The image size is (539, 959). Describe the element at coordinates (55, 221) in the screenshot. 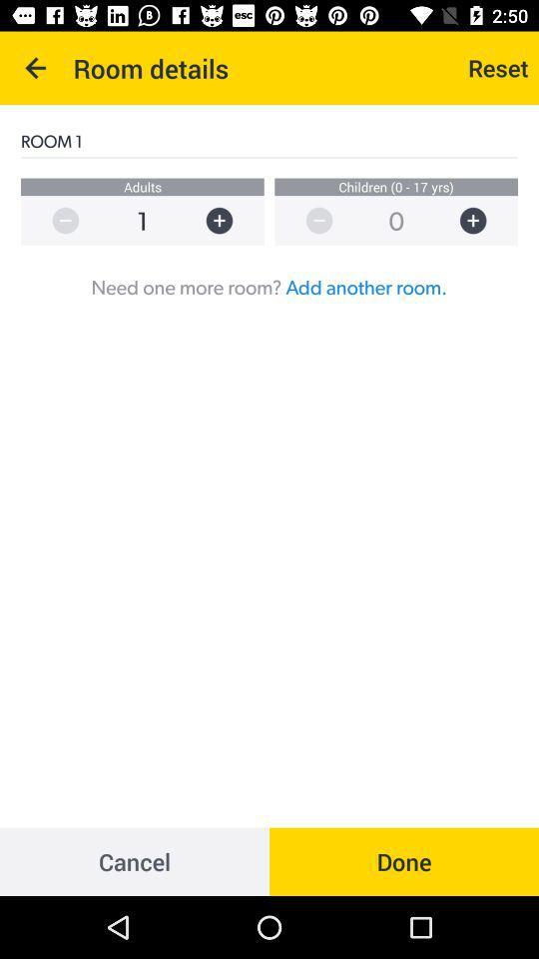

I see `decrease number` at that location.